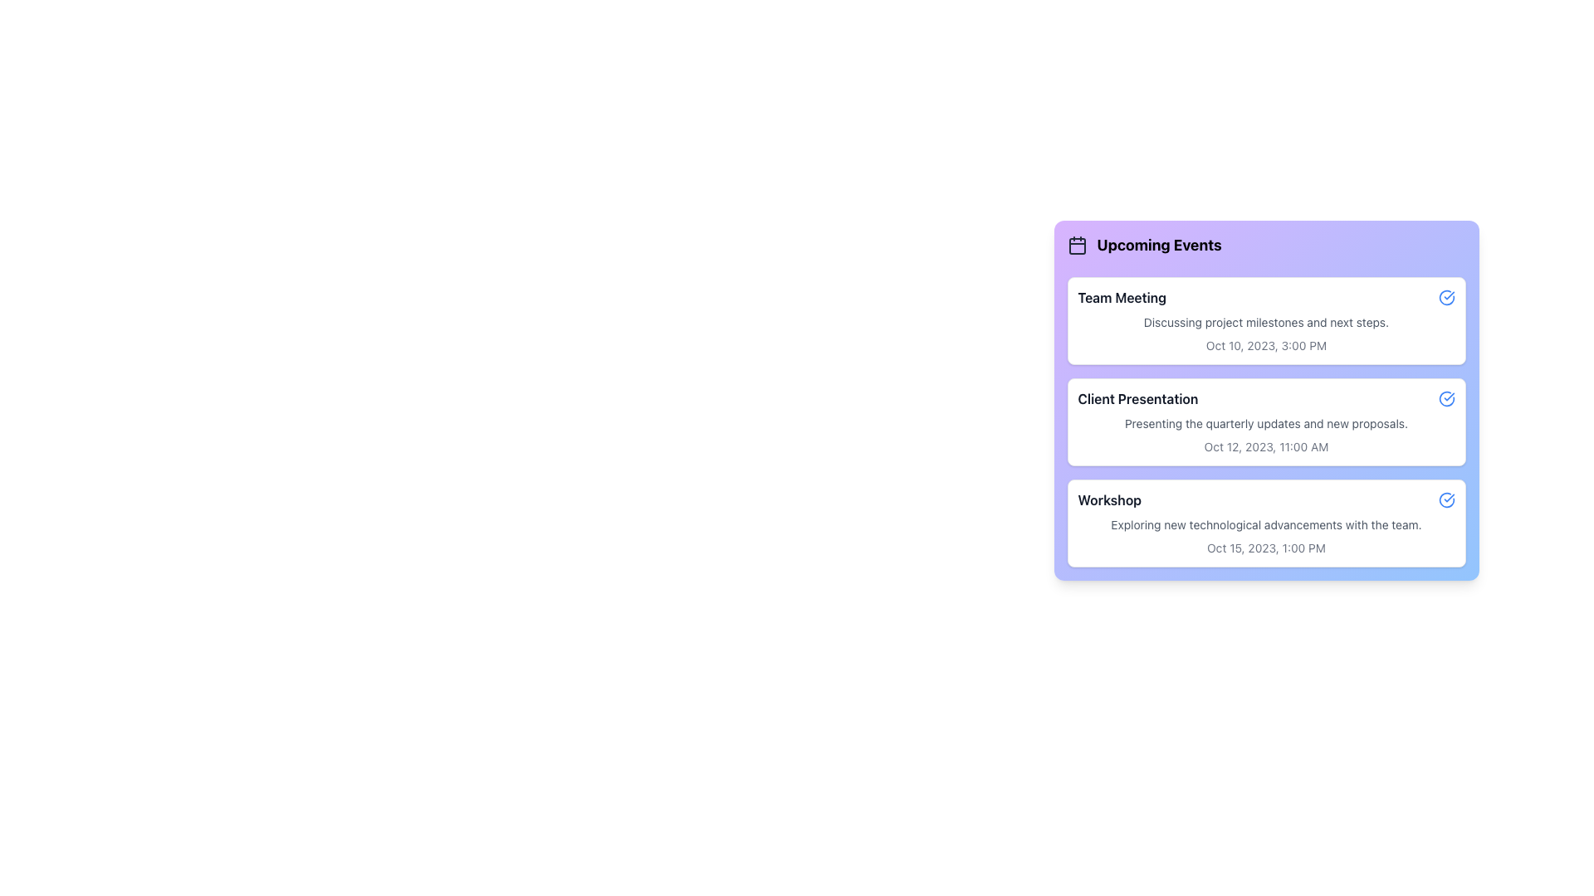 The image size is (1594, 896). What do you see at coordinates (1239, 446) in the screenshot?
I see `the date text label displaying 'Oct 12, 2023', which is part of the 'Client Presentation' event details and located to the left of the time '11:00 AM'` at bounding box center [1239, 446].